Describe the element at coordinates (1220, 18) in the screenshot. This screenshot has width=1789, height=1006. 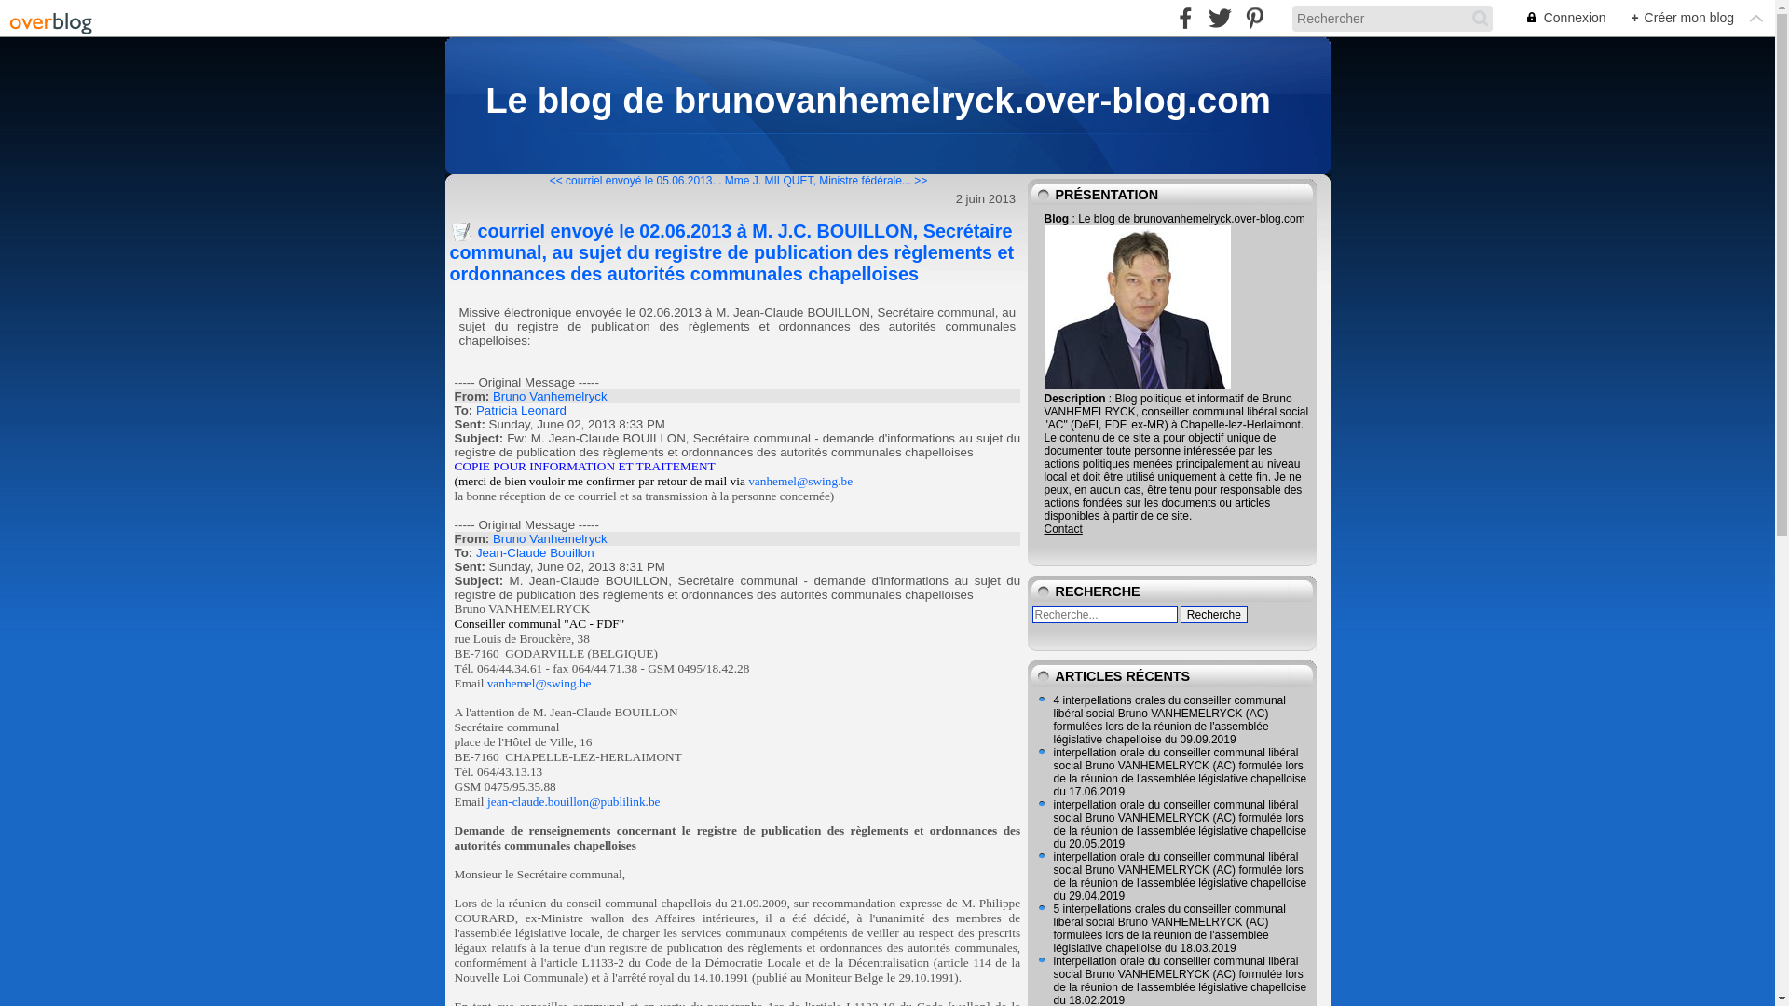
I see `' twitter'` at that location.